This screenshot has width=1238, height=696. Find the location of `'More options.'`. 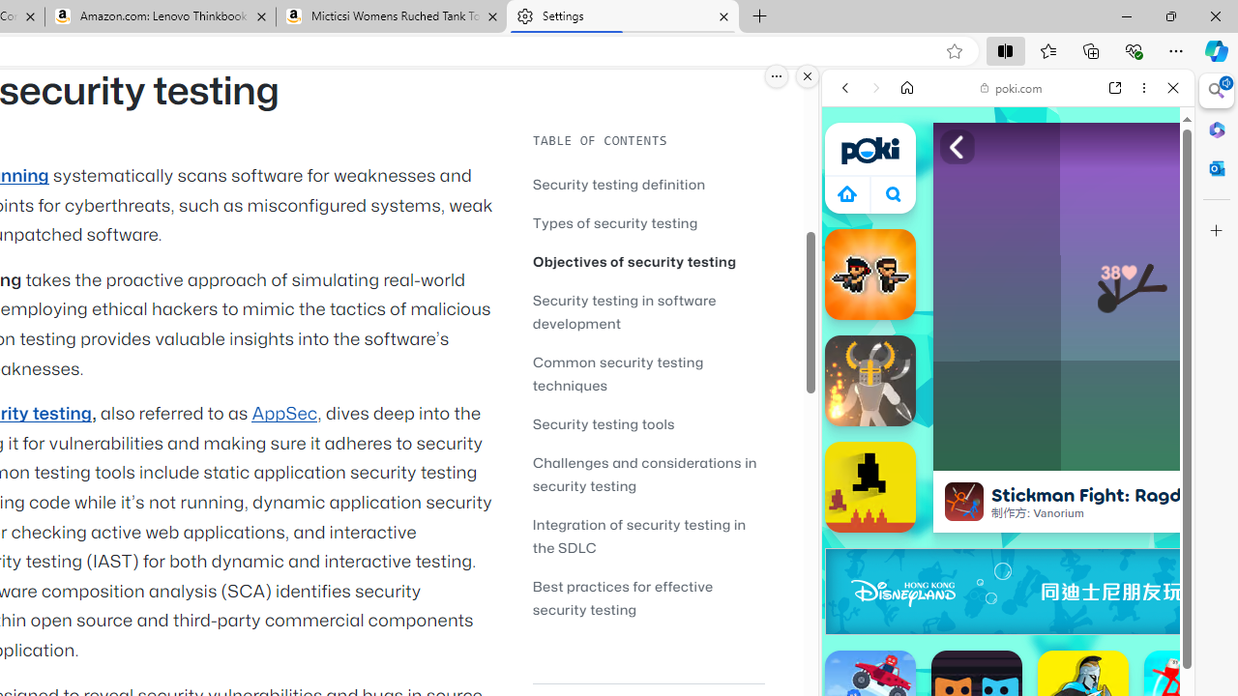

'More options.' is located at coordinates (777, 75).